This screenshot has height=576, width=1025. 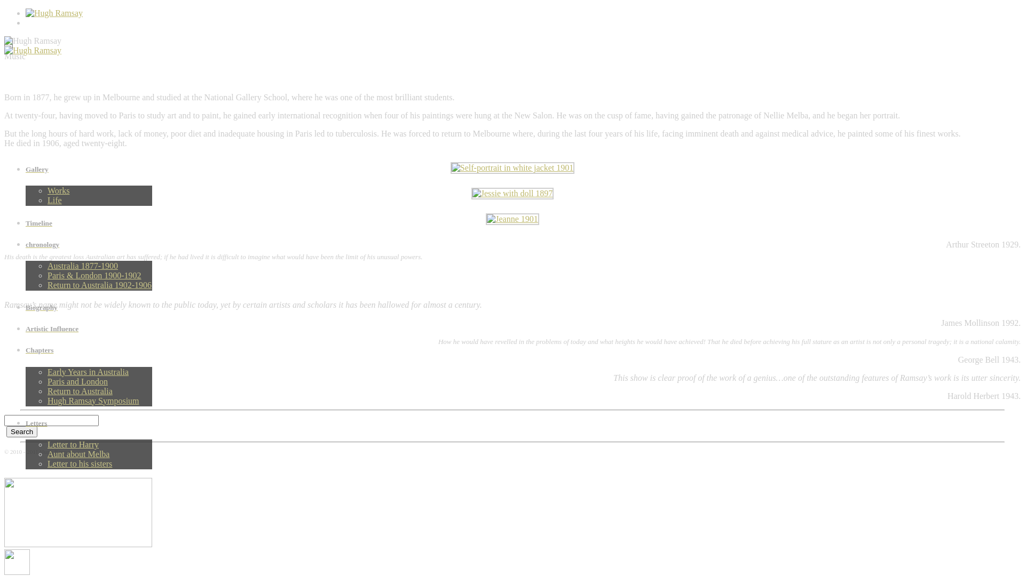 I want to click on 'Biography', so click(x=89, y=308).